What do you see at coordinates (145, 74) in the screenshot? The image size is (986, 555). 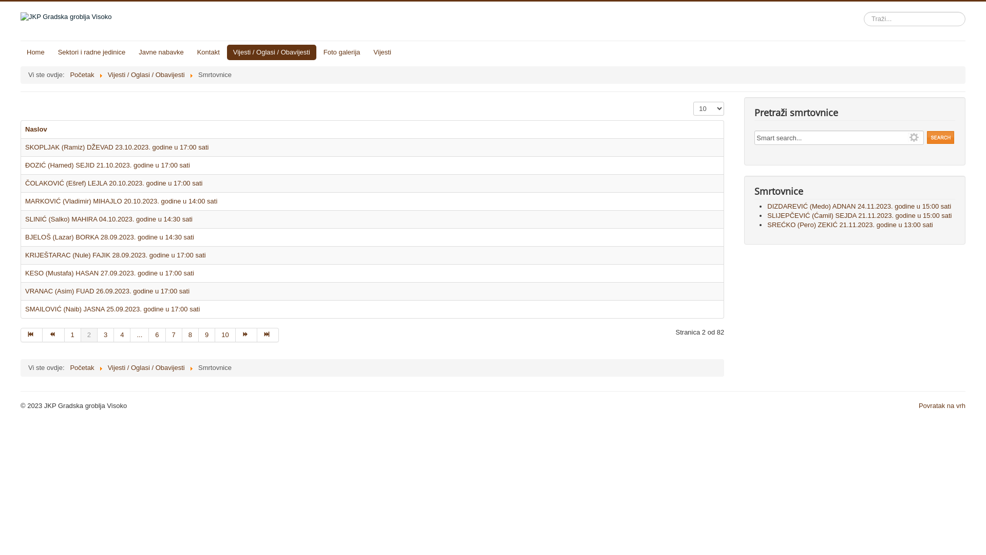 I see `'Vijesti / Oglasi / Obavijesti'` at bounding box center [145, 74].